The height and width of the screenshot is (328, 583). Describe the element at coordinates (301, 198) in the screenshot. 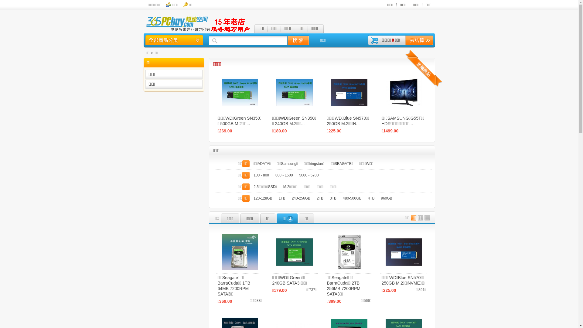

I see `'240-256GB'` at that location.